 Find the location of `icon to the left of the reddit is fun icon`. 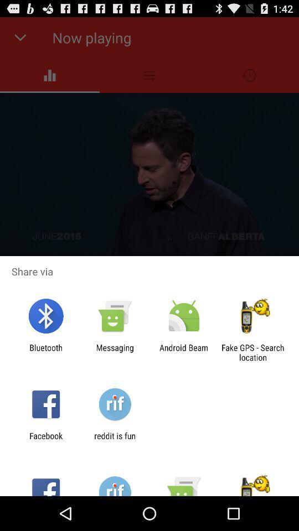

icon to the left of the reddit is fun icon is located at coordinates (45, 440).